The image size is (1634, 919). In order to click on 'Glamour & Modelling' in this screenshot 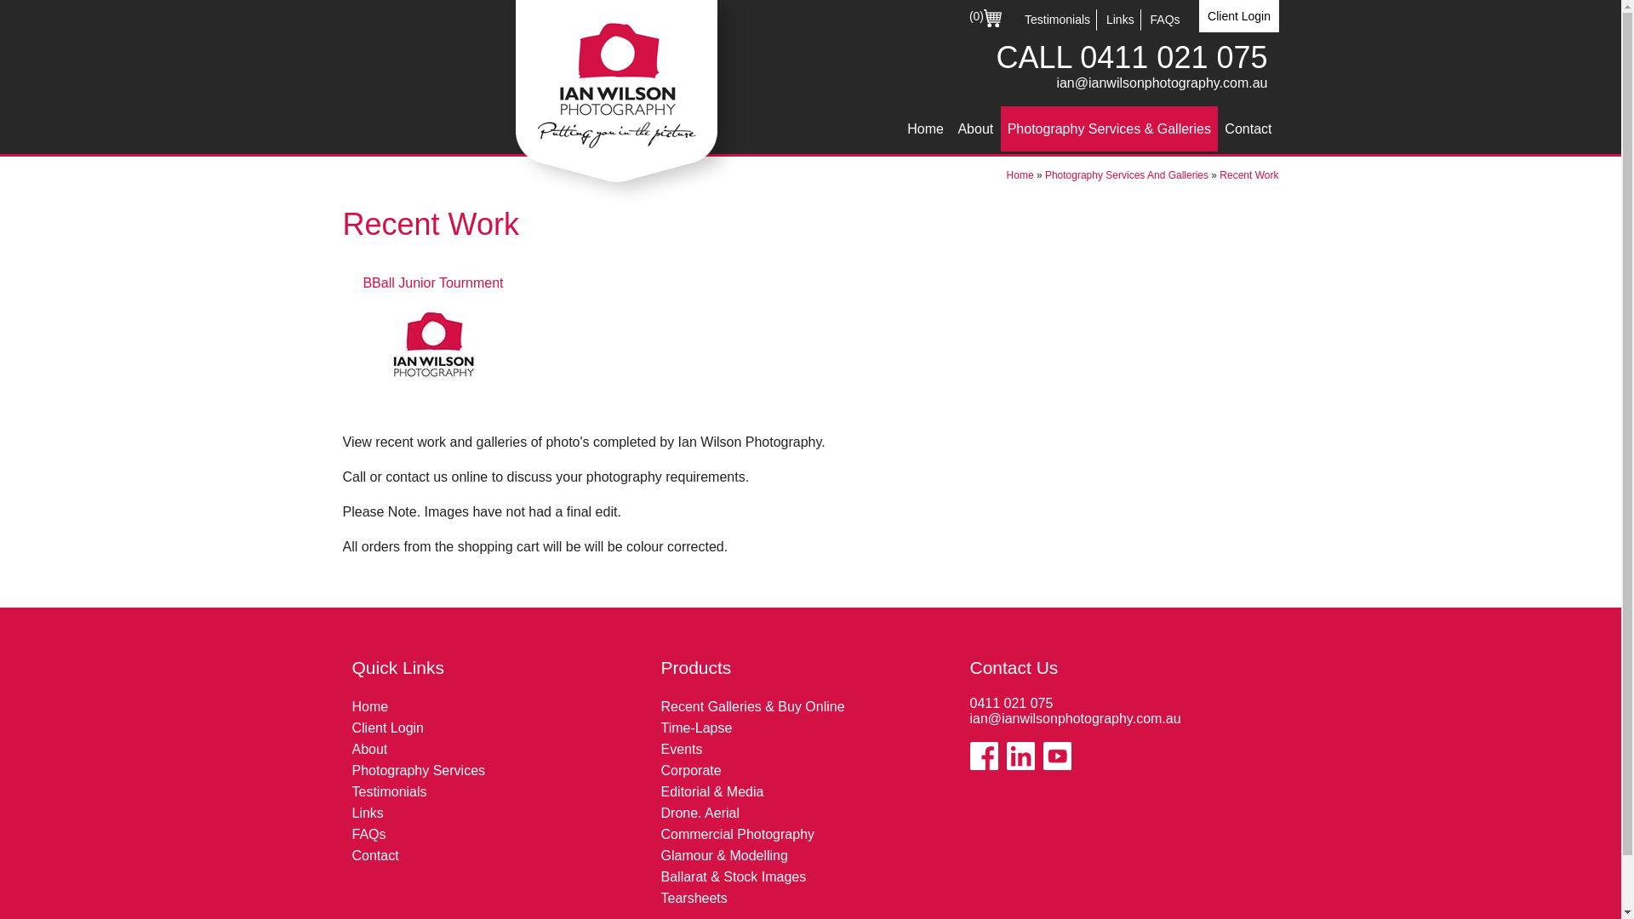, I will do `click(723, 855)`.